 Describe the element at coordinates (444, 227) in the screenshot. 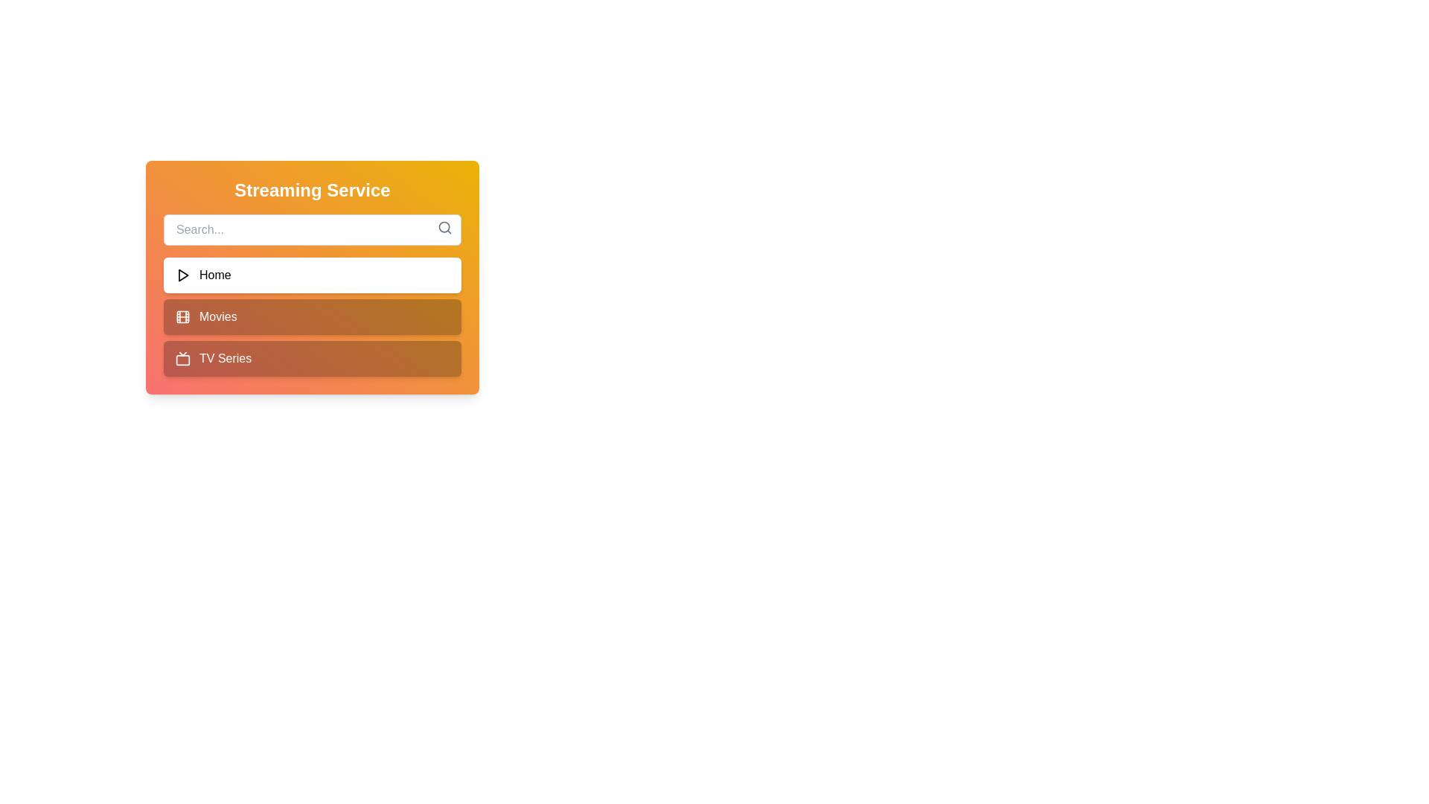

I see `the circular magnifying glass lens element located in the upper-right corner of the magnifying glass icon in the search field` at that location.